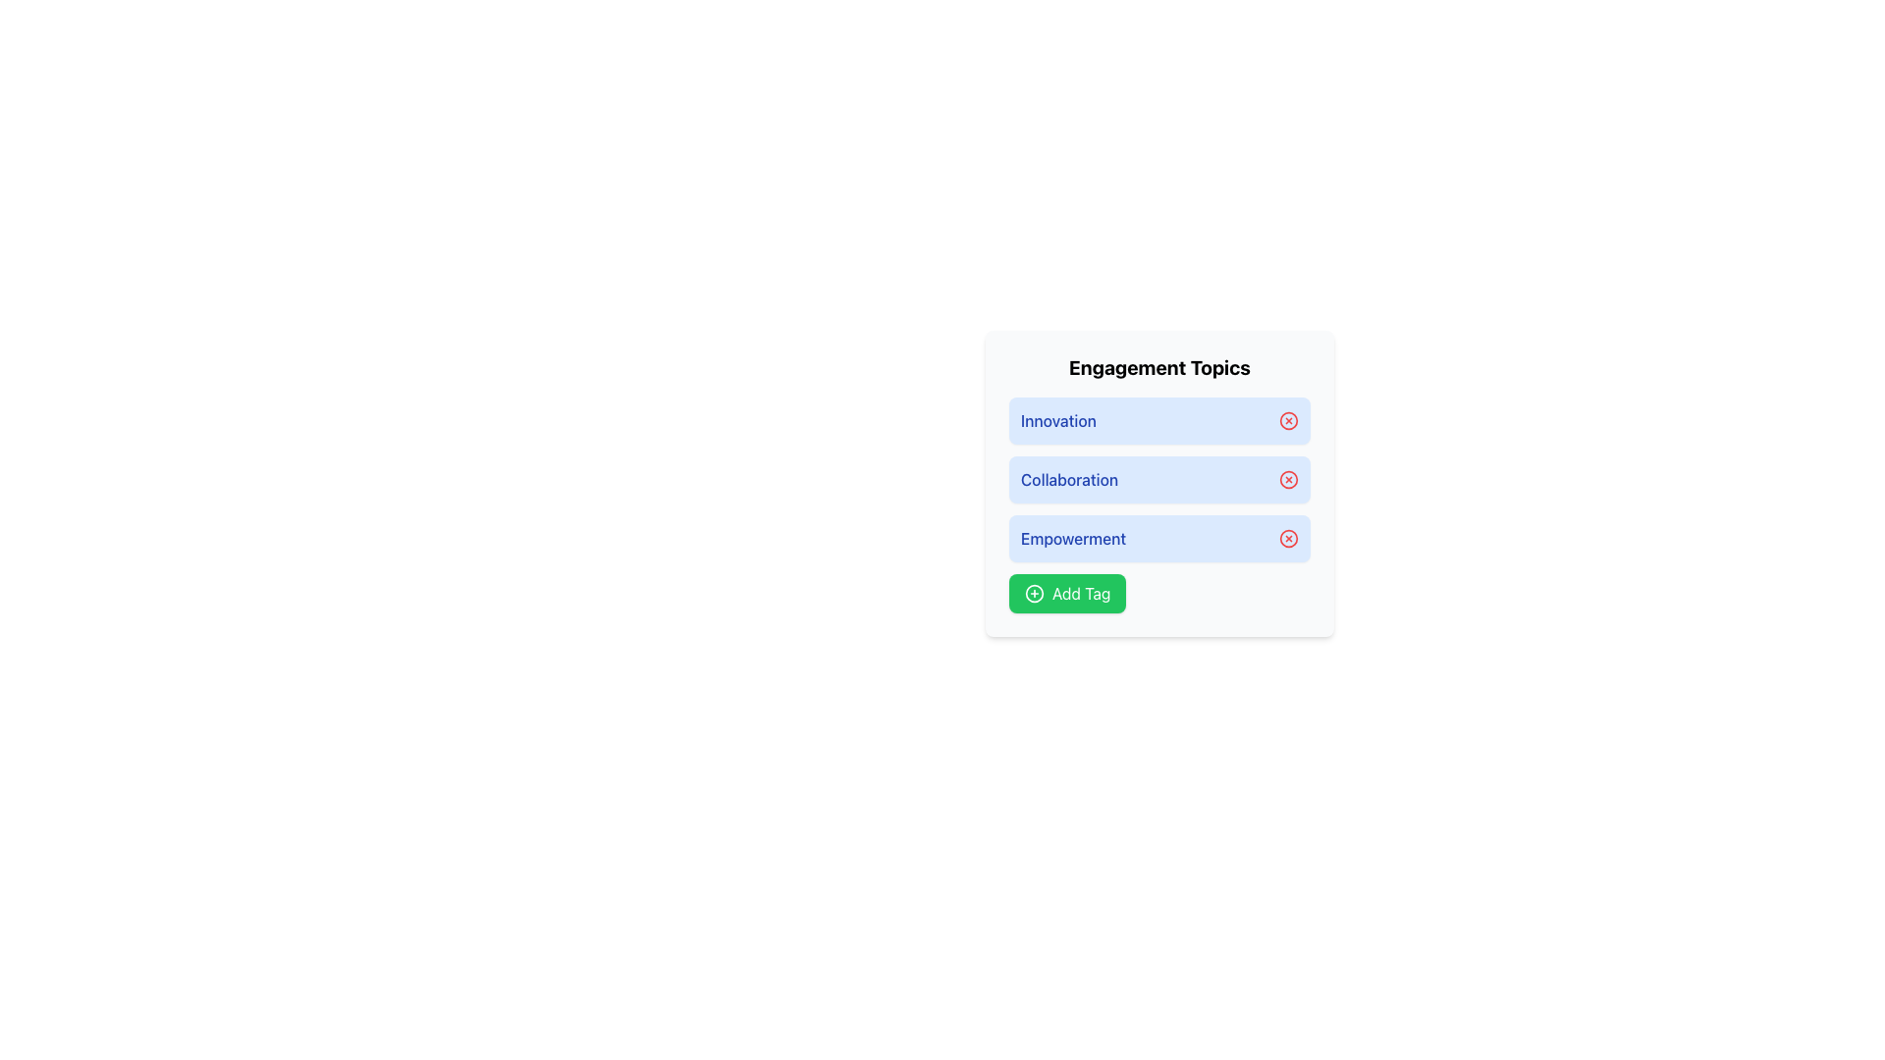  Describe the element at coordinates (1034, 593) in the screenshot. I see `the circular plus icon located at the center of the green 'Add Tag' button, which is positioned` at that location.